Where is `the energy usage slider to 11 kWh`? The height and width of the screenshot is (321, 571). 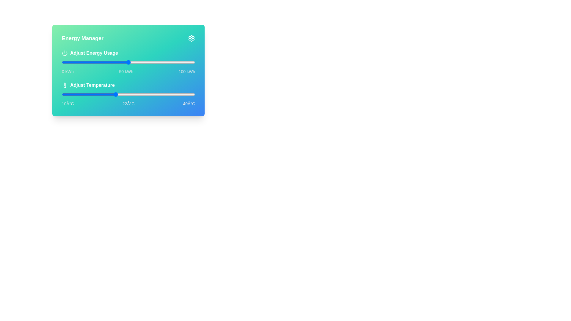 the energy usage slider to 11 kWh is located at coordinates (76, 62).